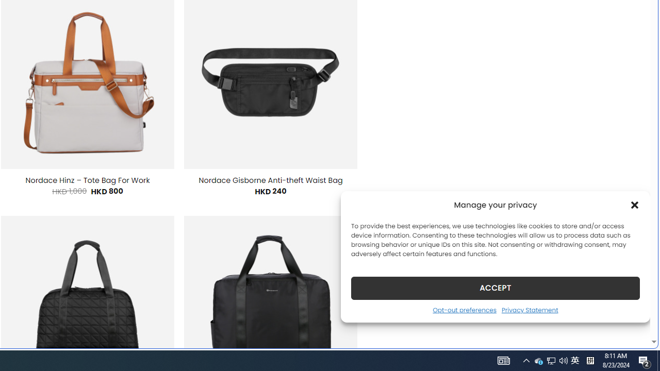 The image size is (660, 371). What do you see at coordinates (496, 288) in the screenshot?
I see `'ACCEPT'` at bounding box center [496, 288].